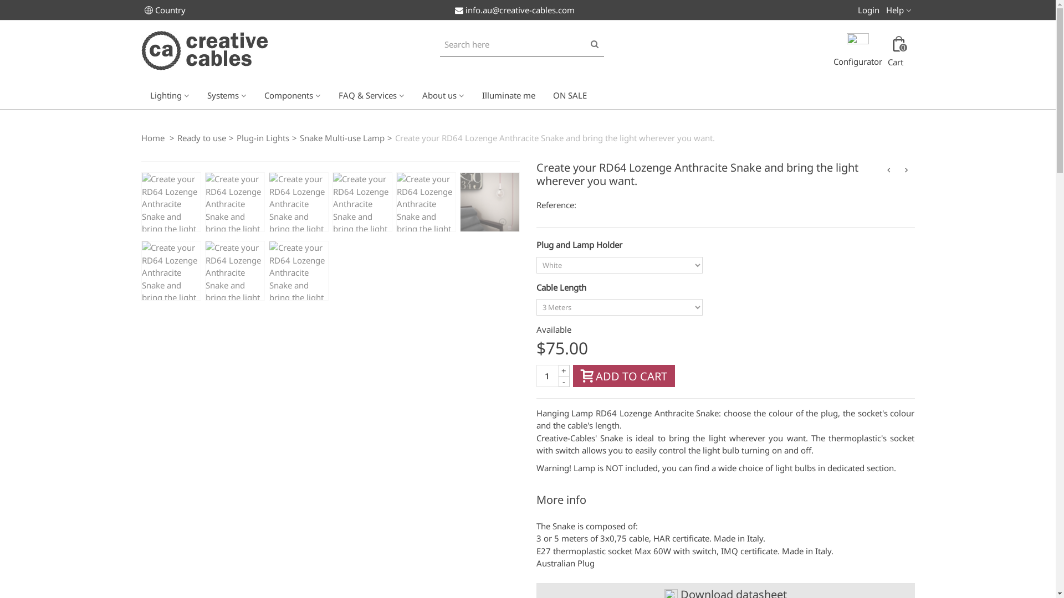 The height and width of the screenshot is (598, 1064). What do you see at coordinates (857, 52) in the screenshot?
I see `'Configurator'` at bounding box center [857, 52].